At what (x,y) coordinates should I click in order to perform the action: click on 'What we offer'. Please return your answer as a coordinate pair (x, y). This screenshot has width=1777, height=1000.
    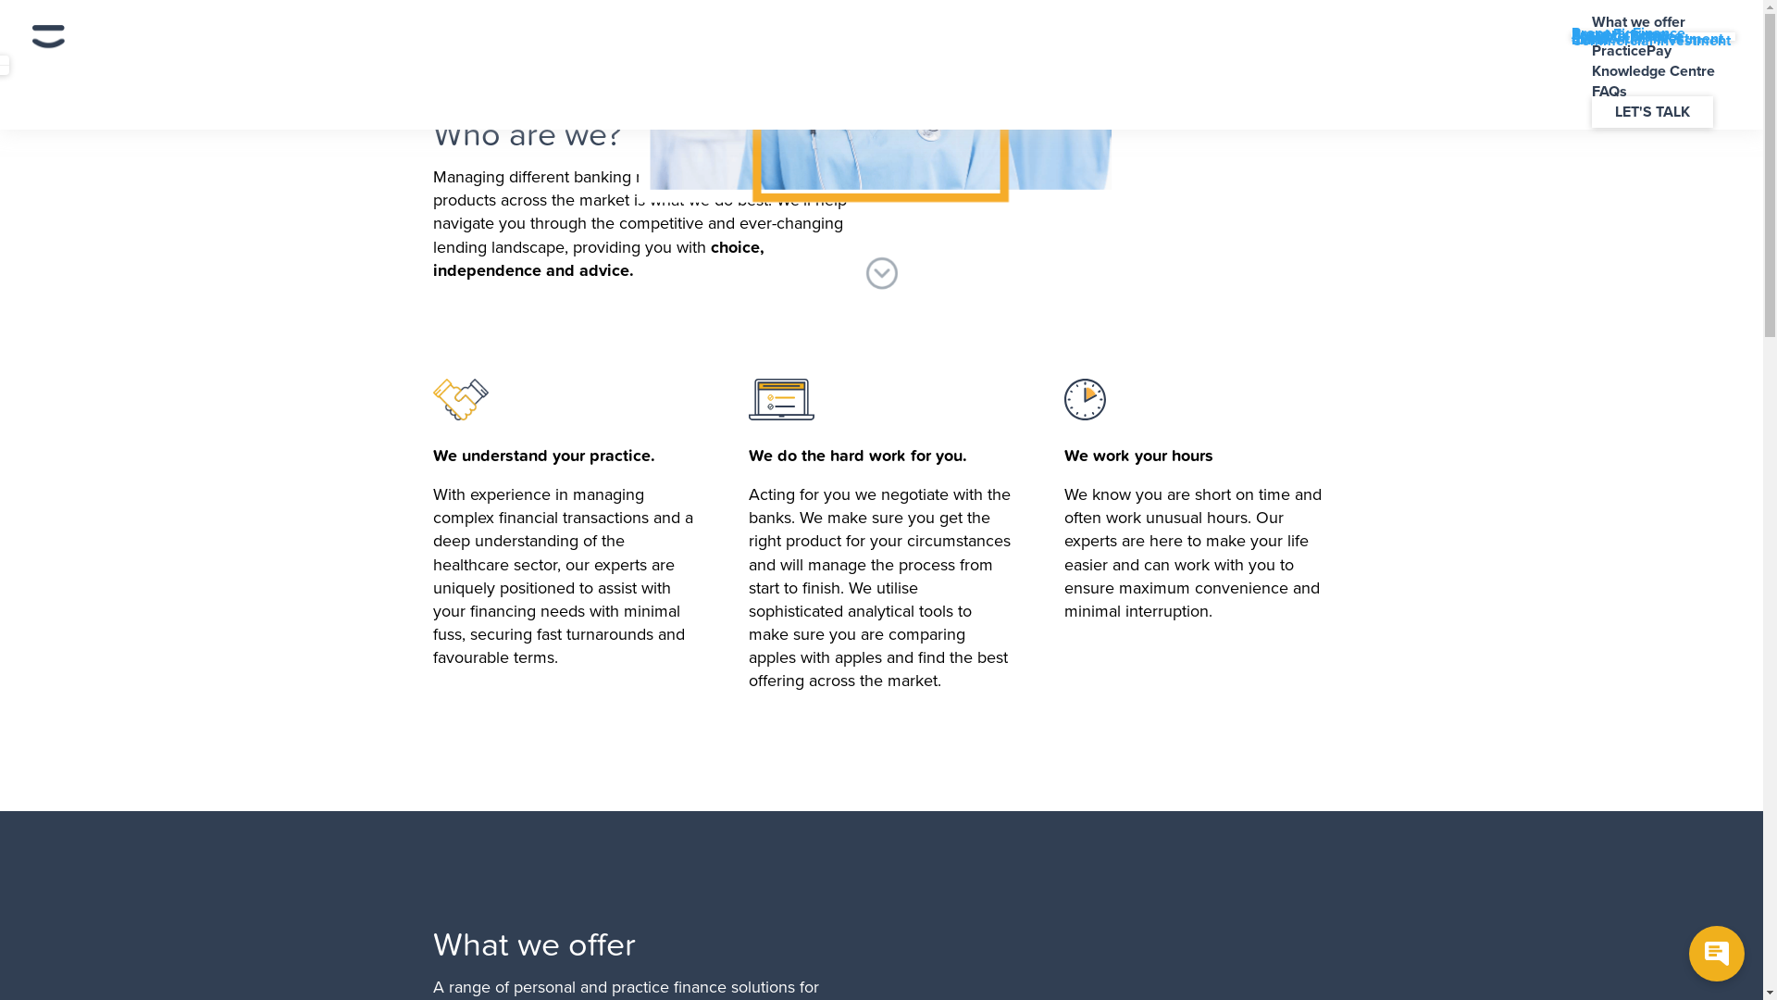
    Looking at the image, I should click on (1638, 21).